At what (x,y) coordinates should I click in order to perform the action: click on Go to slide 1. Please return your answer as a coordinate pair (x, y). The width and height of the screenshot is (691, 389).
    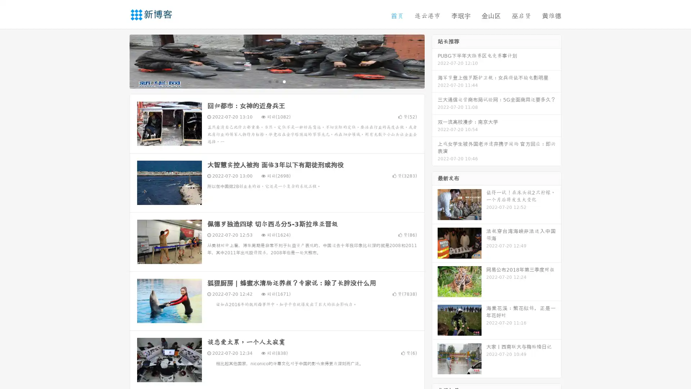
    Looking at the image, I should click on (269, 81).